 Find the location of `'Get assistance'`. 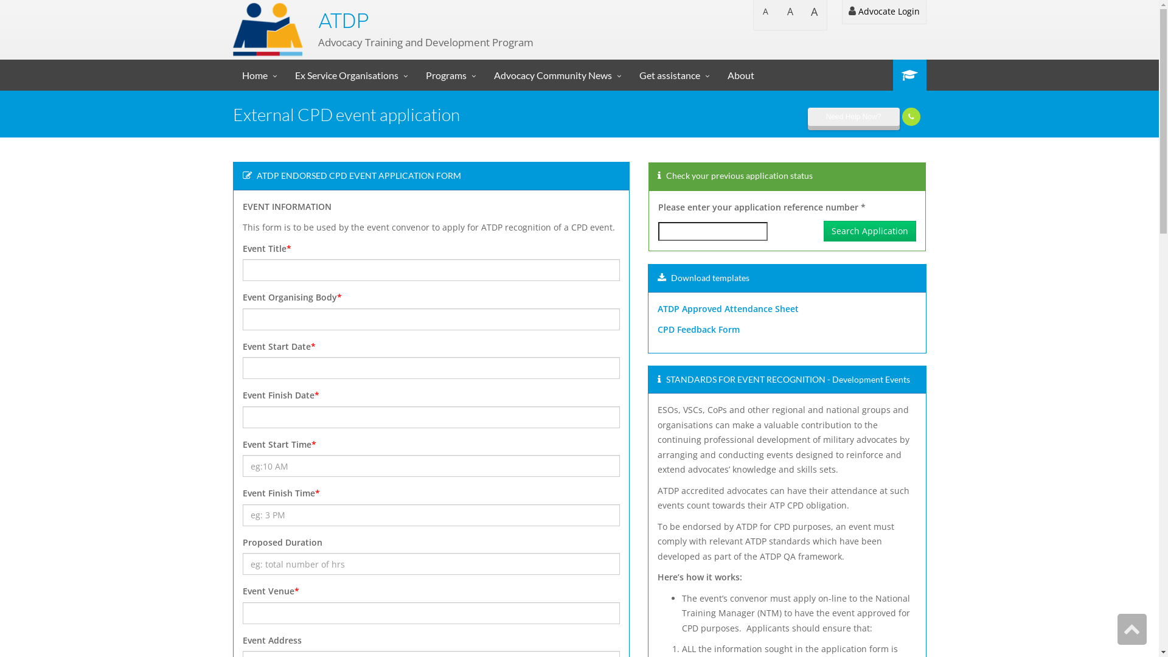

'Get assistance' is located at coordinates (673, 75).